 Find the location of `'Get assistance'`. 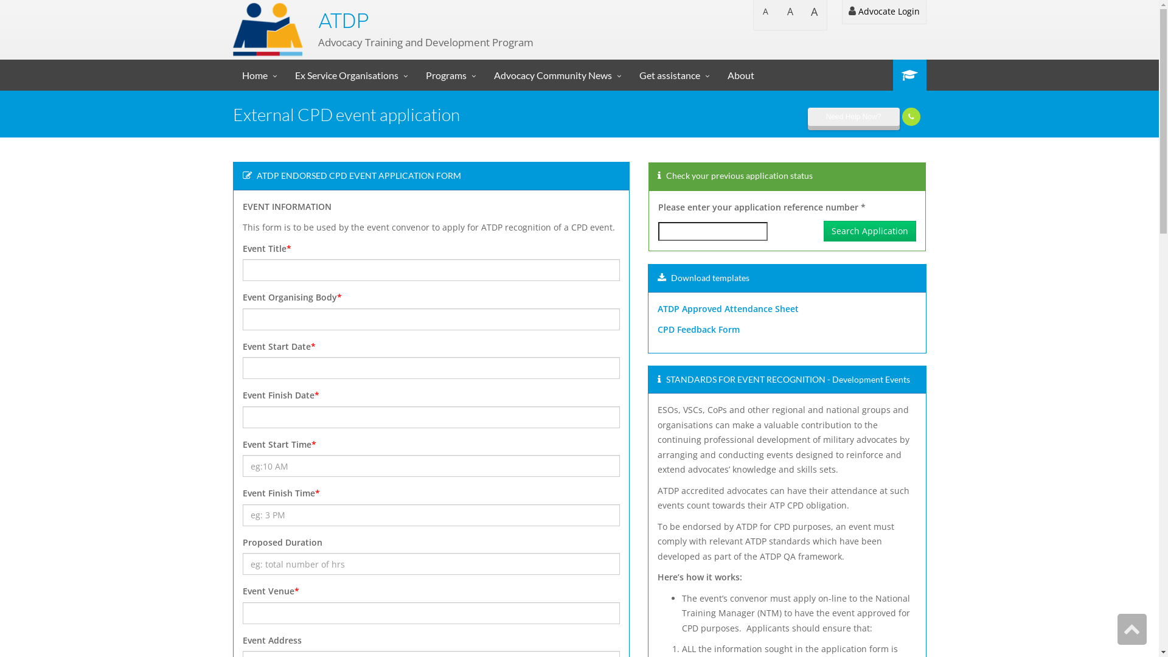

'Get assistance' is located at coordinates (673, 75).